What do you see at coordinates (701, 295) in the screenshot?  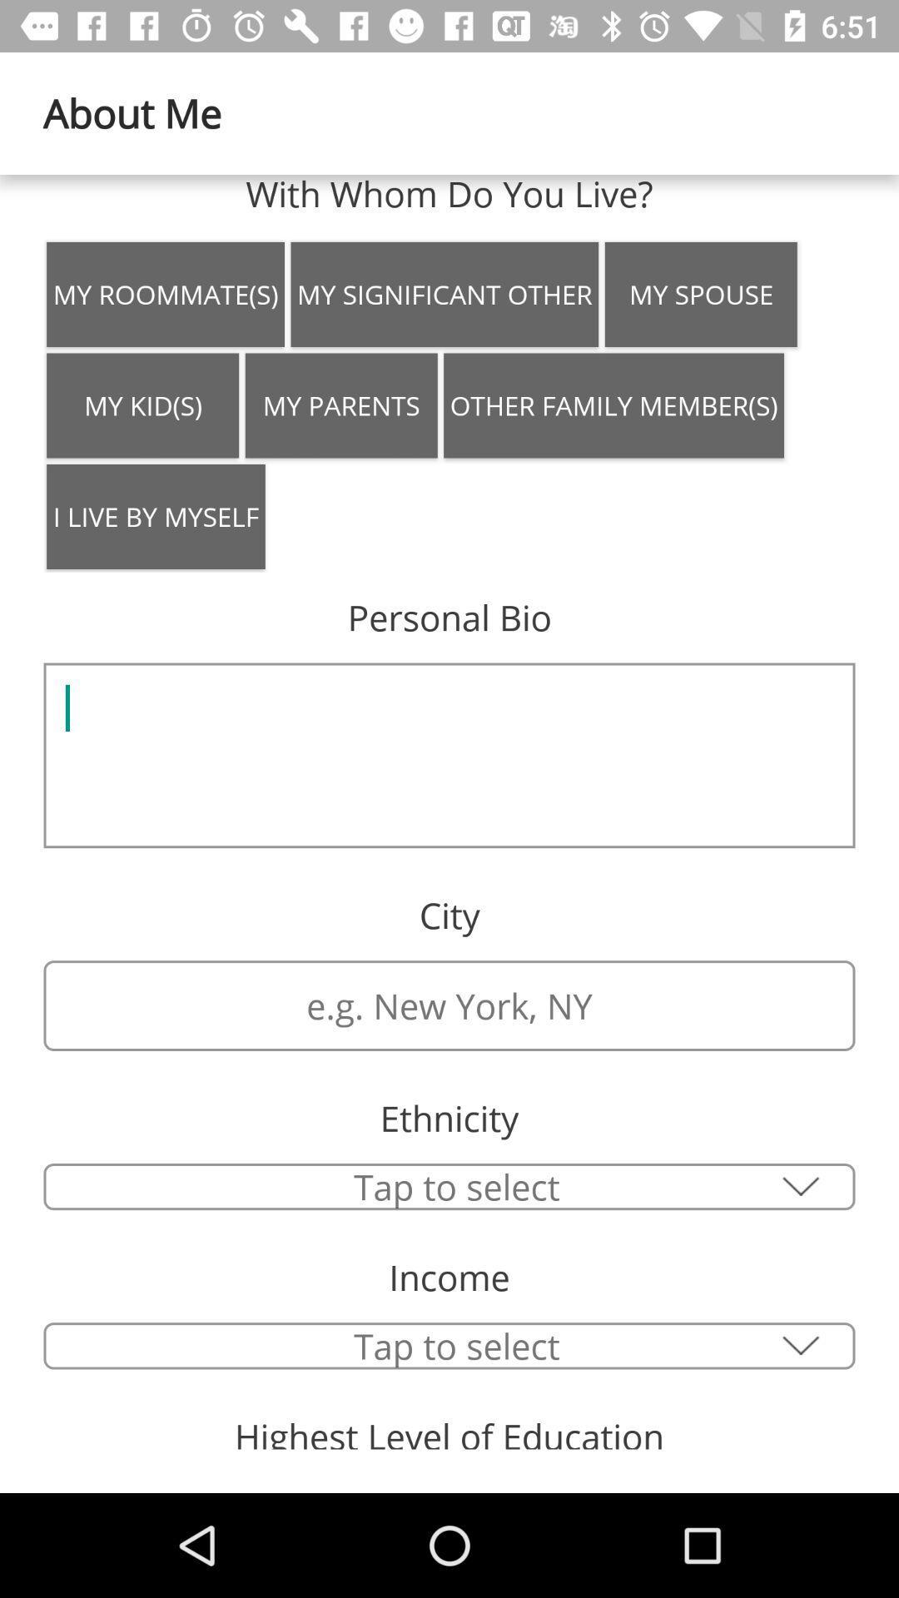 I see `the icon to the right of my significant other item` at bounding box center [701, 295].